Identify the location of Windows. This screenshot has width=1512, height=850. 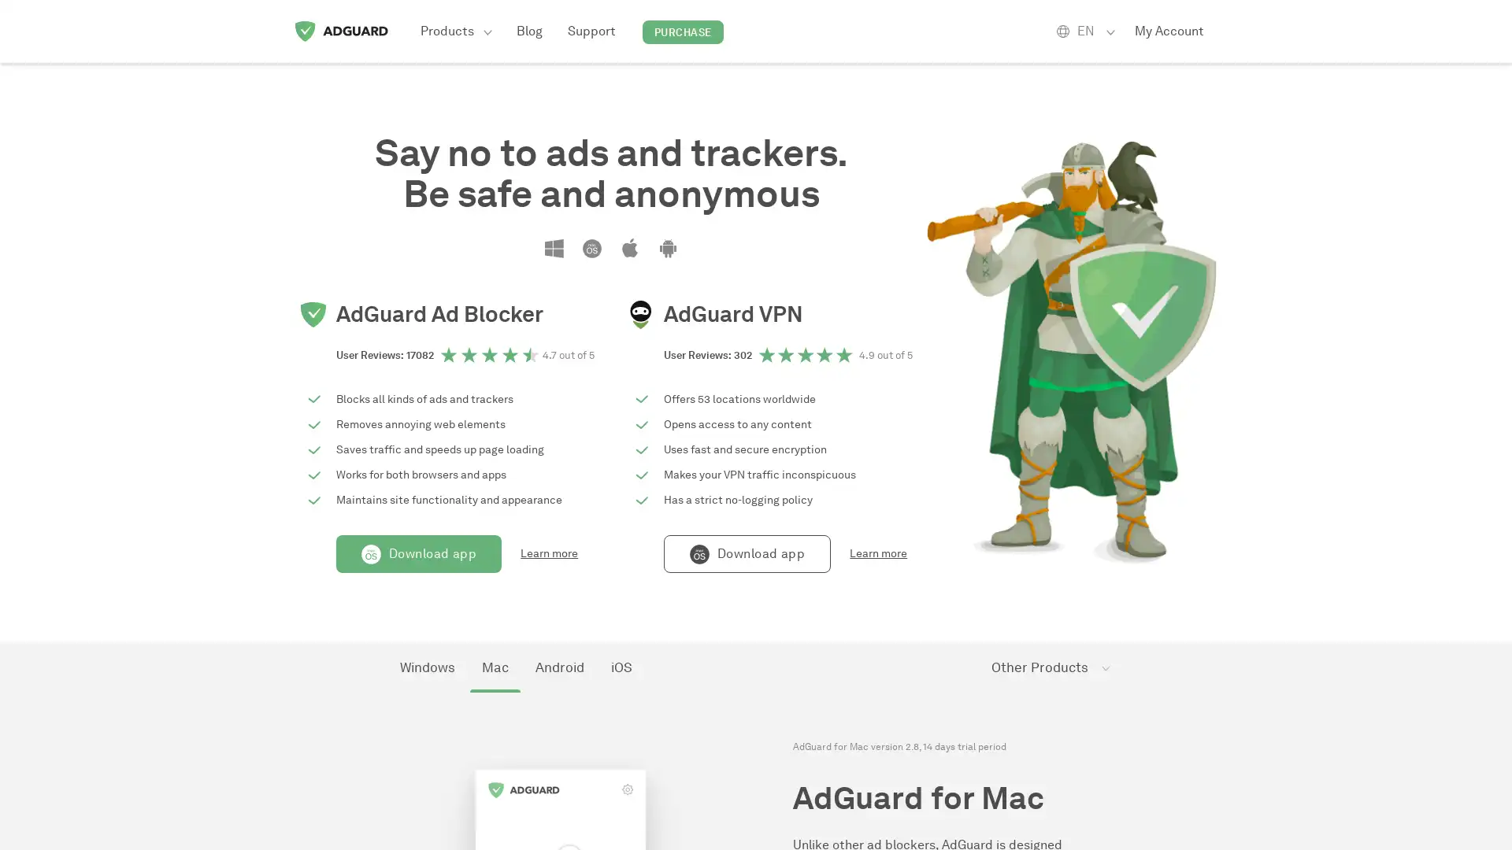
(427, 667).